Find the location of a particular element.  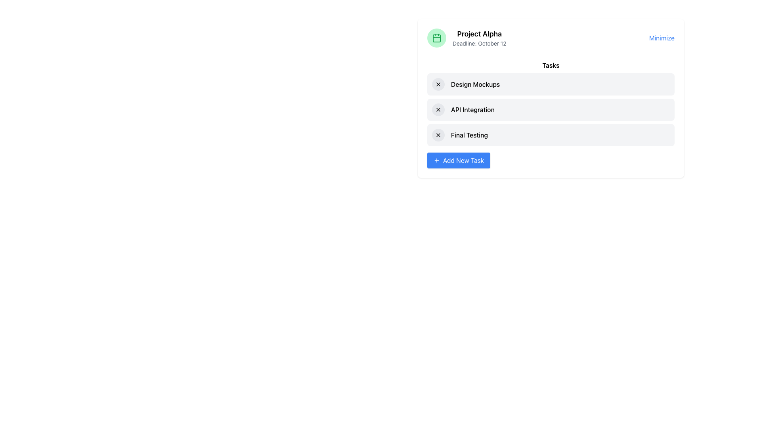

the project title text label, which is prominently displayed as the header for the project information, located to the right of a calendar icon is located at coordinates (479, 33).